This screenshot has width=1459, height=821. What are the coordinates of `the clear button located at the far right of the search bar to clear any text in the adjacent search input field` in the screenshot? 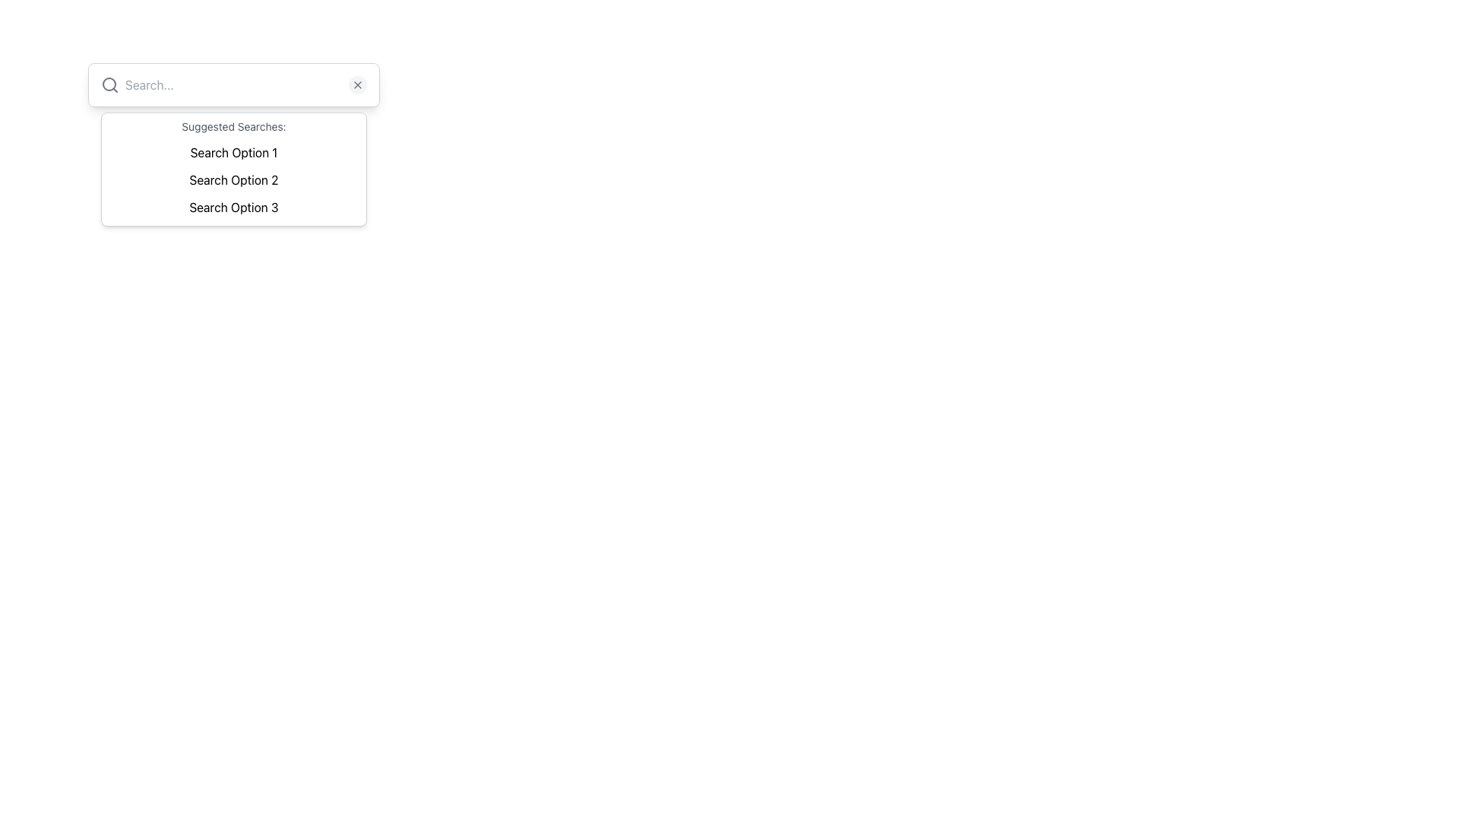 It's located at (356, 84).